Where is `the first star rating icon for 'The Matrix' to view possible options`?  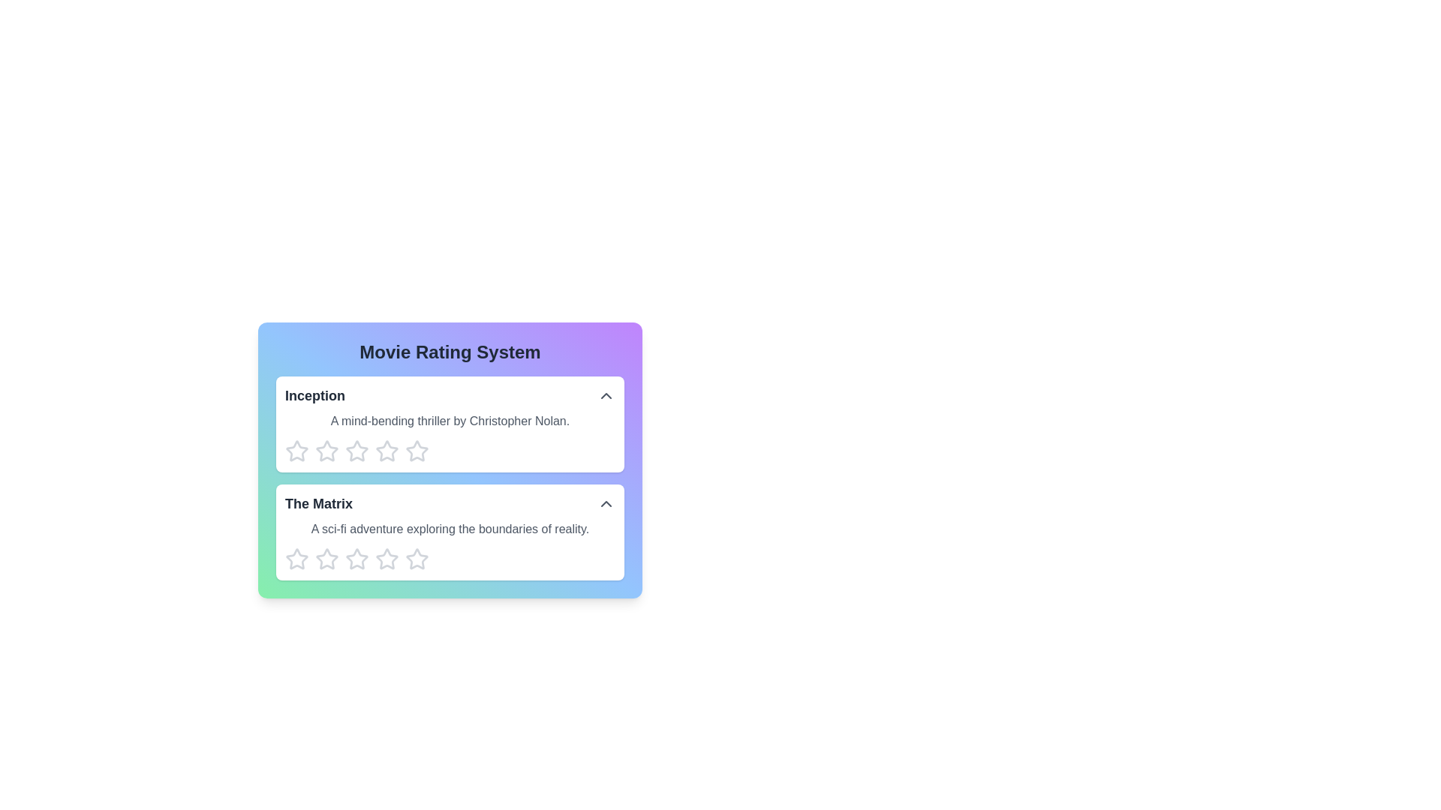
the first star rating icon for 'The Matrix' to view possible options is located at coordinates (296, 558).